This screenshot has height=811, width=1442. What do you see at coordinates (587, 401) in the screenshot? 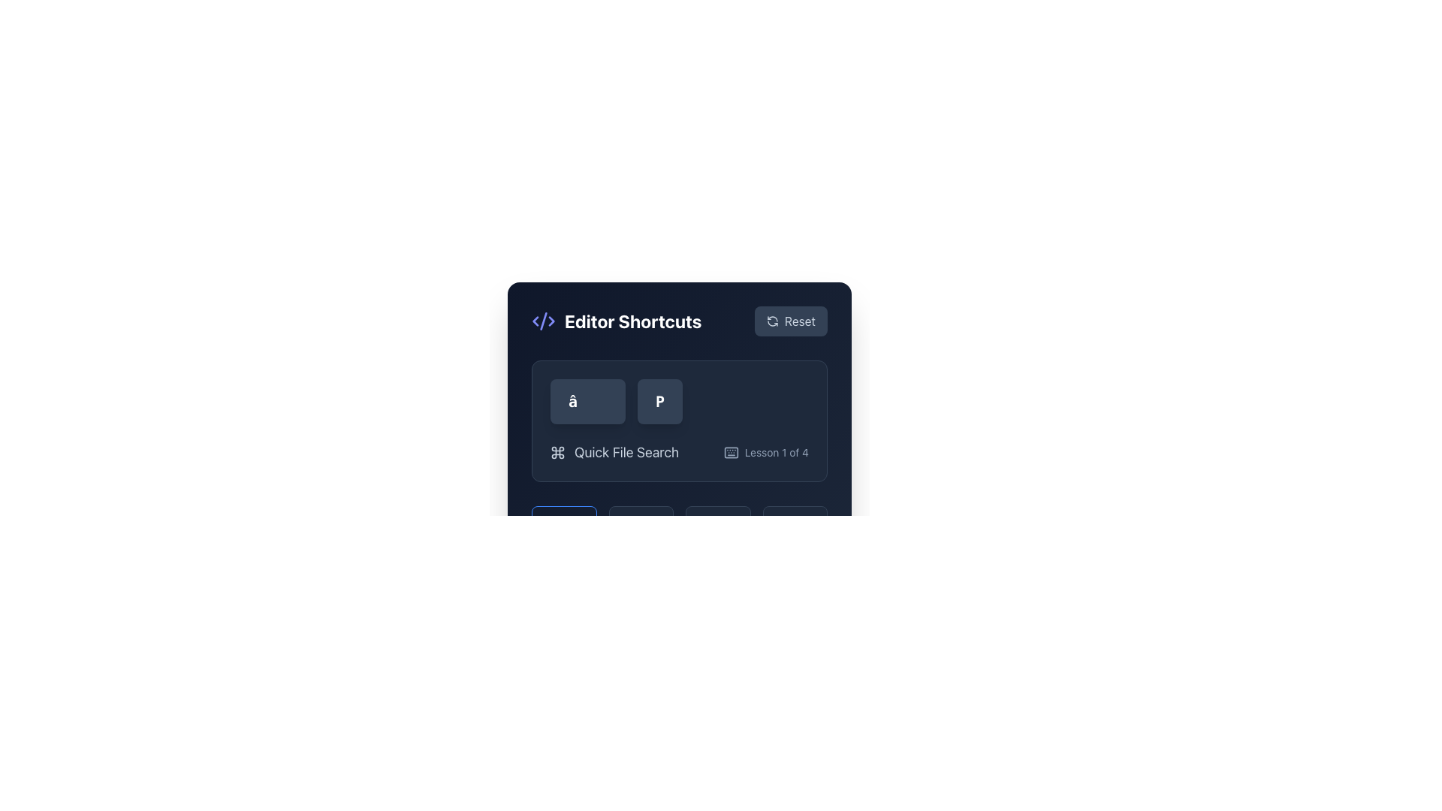
I see `the first button with the character '⌘' located in the 'Editor Shortcuts' box` at bounding box center [587, 401].